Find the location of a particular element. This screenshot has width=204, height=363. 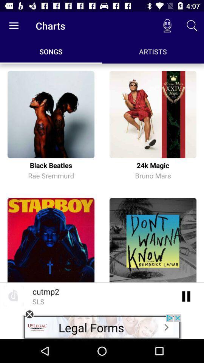

the pause icon is located at coordinates (186, 296).